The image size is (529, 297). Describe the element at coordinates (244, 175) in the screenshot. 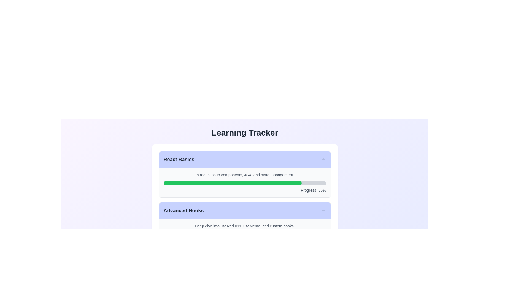

I see `the text label displaying 'Introduction to components, JSX, and state management.' which is styled in gray and located within the 'React Basics' section` at that location.